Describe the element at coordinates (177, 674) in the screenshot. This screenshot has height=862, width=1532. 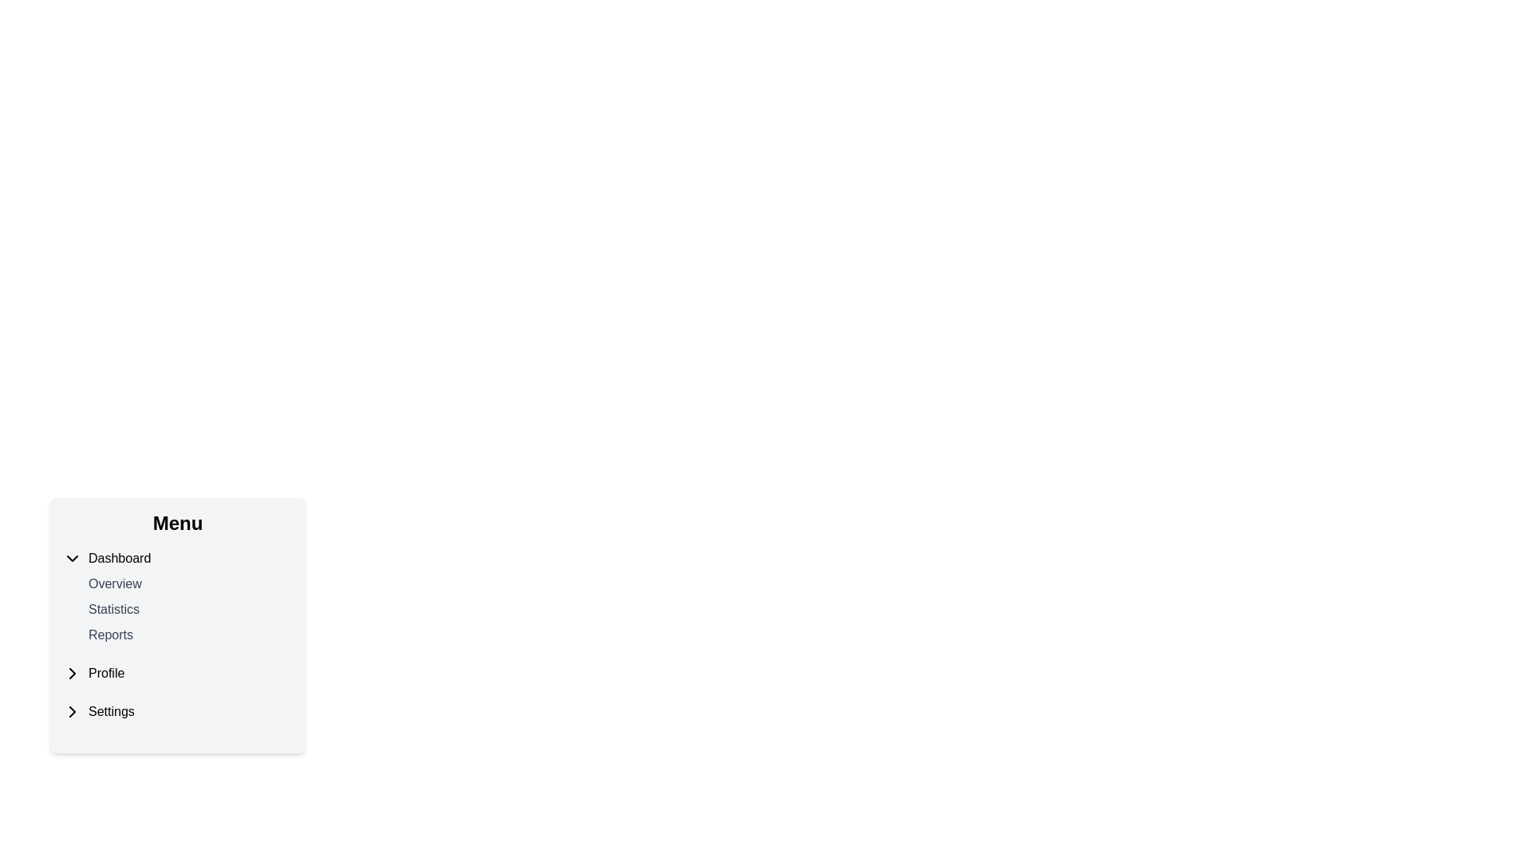
I see `the 'Profile' menu item in the vertical navigation menu` at that location.